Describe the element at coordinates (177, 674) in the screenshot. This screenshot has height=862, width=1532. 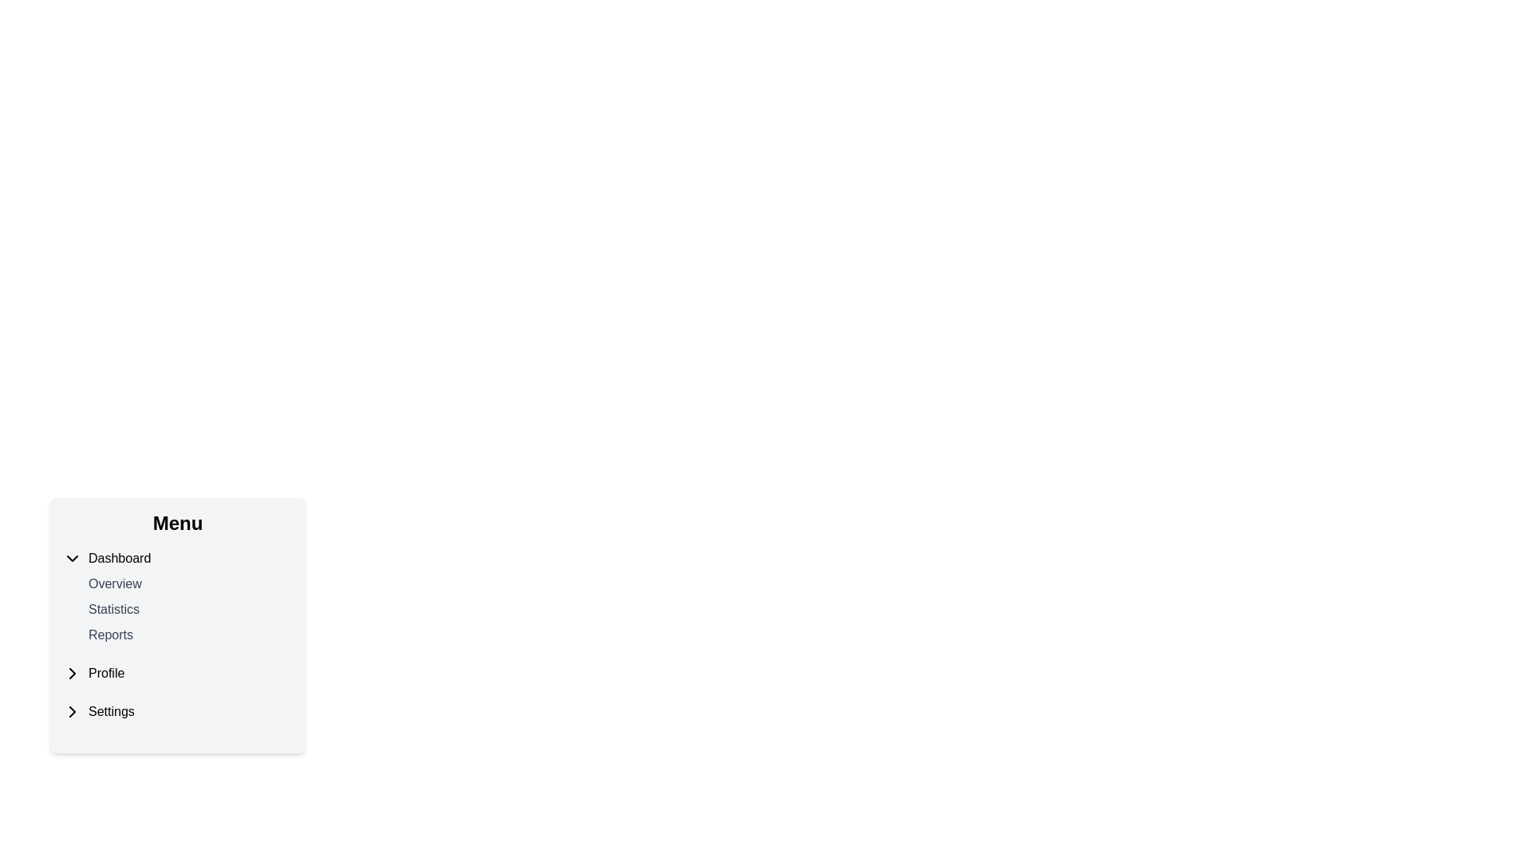
I see `the 'Profile' menu item in the vertical navigation menu` at that location.